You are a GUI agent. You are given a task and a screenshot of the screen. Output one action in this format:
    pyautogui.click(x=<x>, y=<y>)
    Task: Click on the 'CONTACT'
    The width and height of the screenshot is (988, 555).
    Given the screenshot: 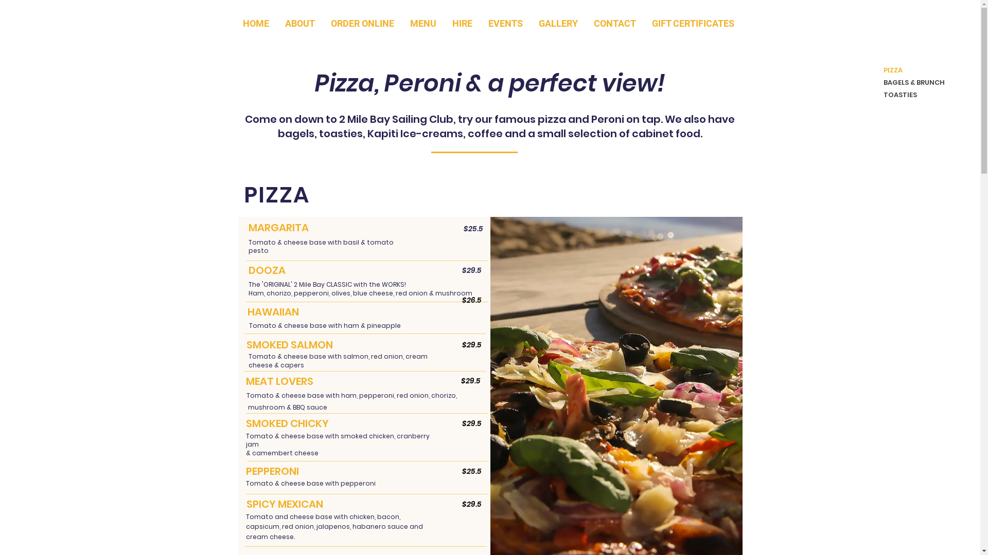 What is the action you would take?
    pyautogui.click(x=614, y=23)
    